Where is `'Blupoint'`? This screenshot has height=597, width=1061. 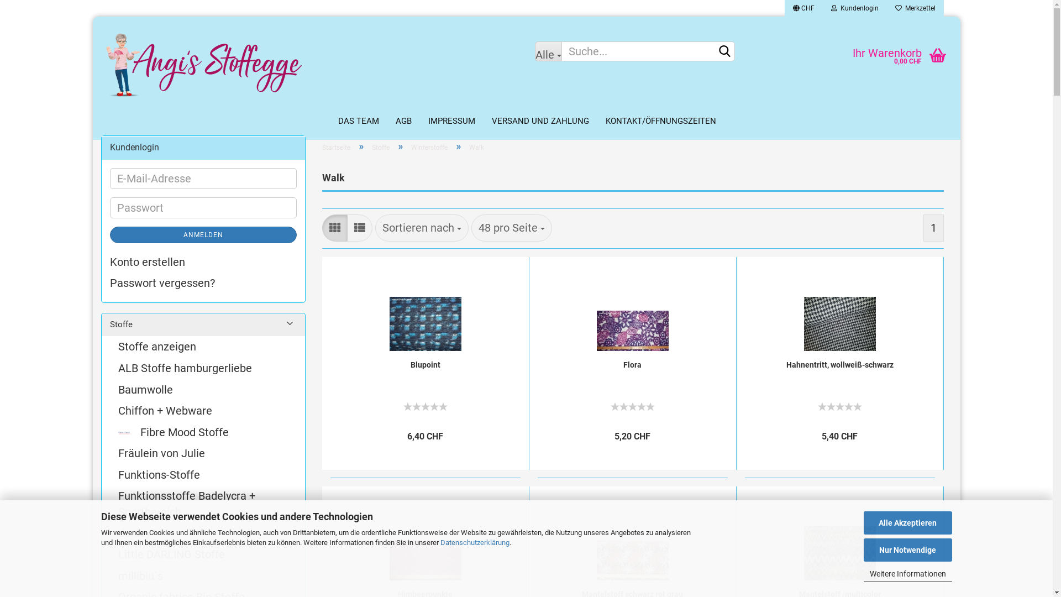 'Blupoint' is located at coordinates (424, 312).